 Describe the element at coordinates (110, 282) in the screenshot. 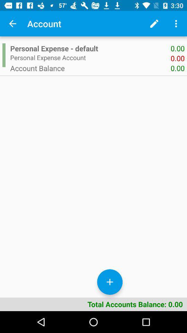

I see `item below the account balance  icon` at that location.